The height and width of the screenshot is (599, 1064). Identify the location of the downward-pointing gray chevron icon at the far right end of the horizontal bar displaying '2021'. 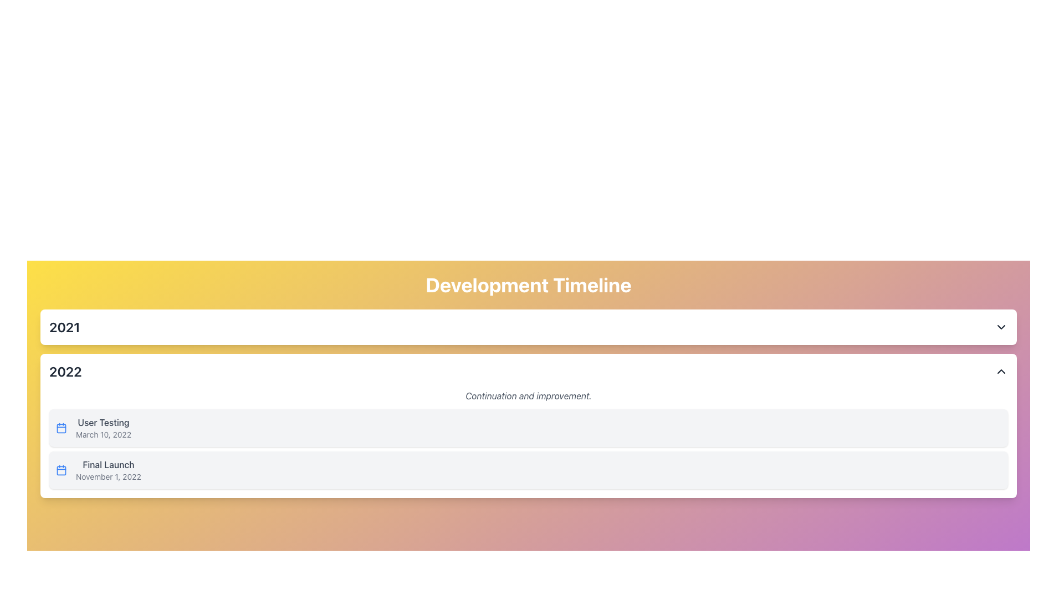
(1001, 327).